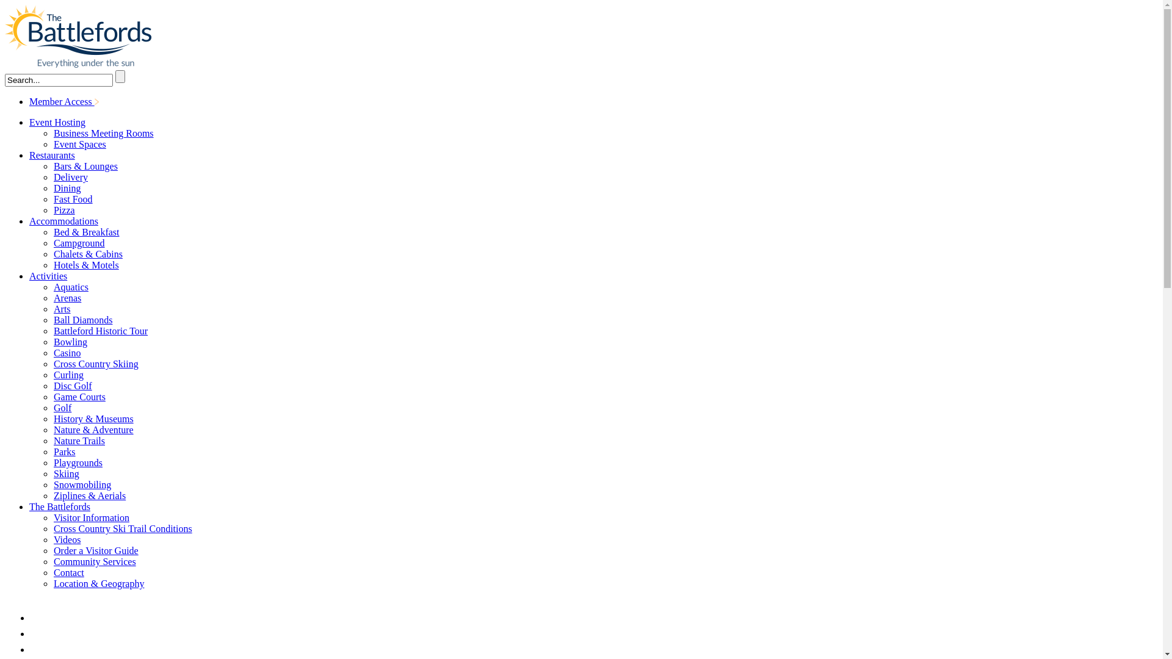 The height and width of the screenshot is (659, 1172). What do you see at coordinates (57, 122) in the screenshot?
I see `'Event Hosting'` at bounding box center [57, 122].